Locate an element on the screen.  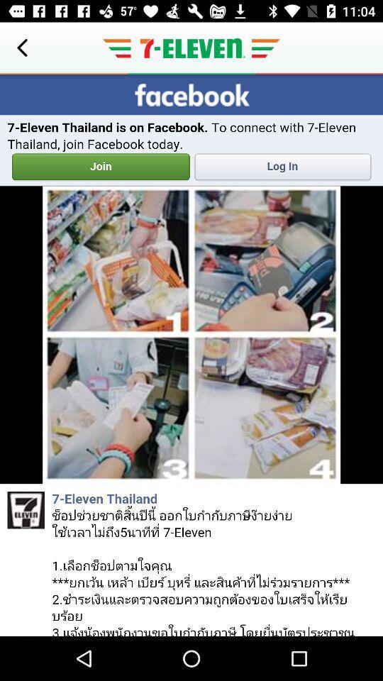
display screen is located at coordinates (191, 355).